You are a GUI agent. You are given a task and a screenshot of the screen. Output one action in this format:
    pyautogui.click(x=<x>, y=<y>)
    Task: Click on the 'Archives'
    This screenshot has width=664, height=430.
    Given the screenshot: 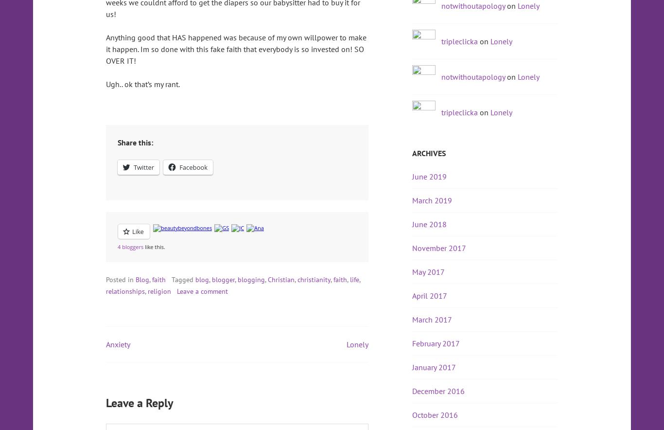 What is the action you would take?
    pyautogui.click(x=428, y=153)
    